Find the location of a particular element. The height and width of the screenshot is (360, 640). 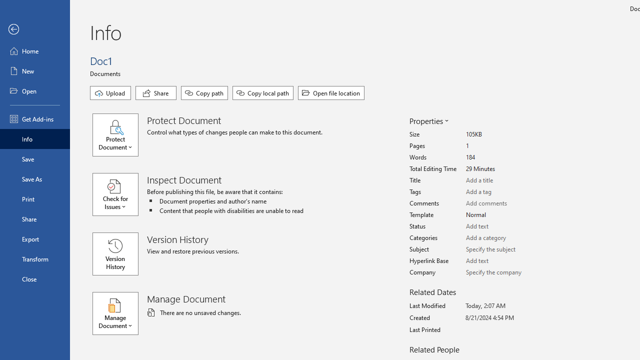

'Check for Issues' is located at coordinates (120, 194).